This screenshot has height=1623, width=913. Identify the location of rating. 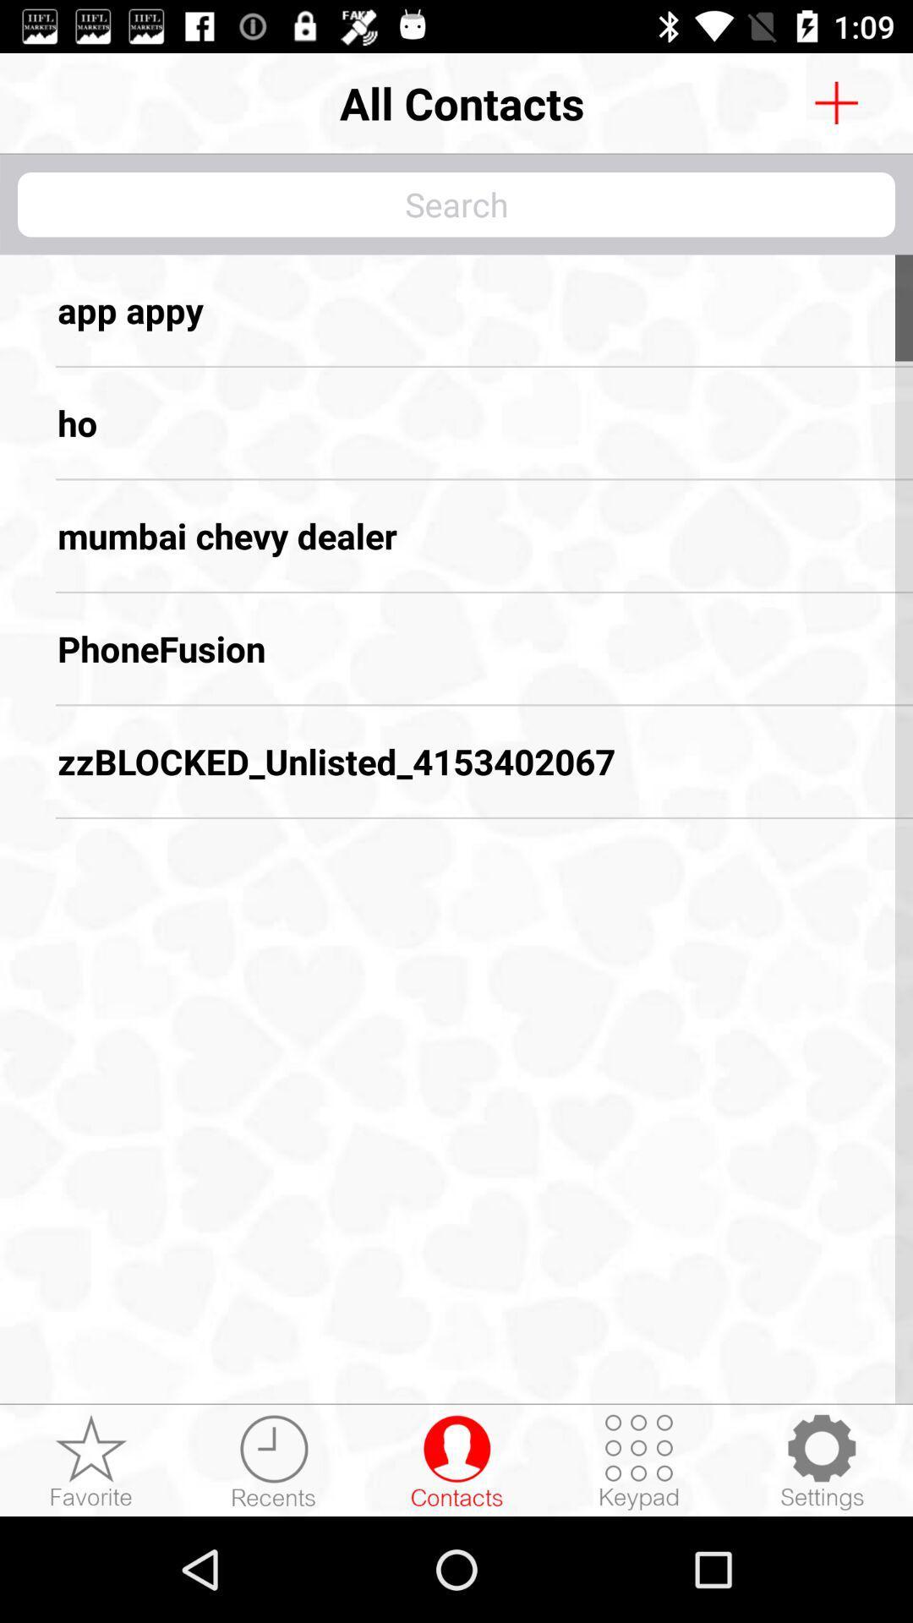
(91, 1461).